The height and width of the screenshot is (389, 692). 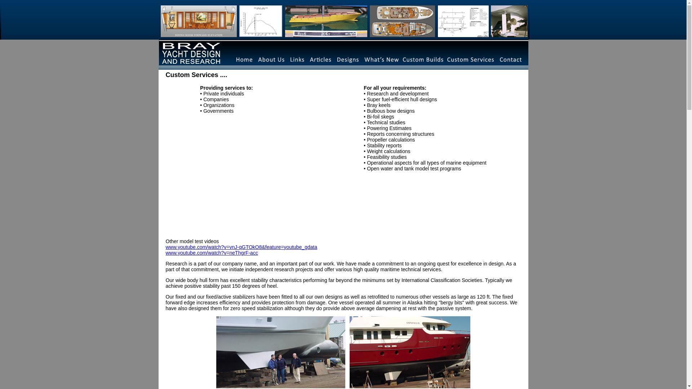 I want to click on 'www.youtube.com/watch?v=vnJ-qGTOkO8&feature=youtube_gdata', so click(x=241, y=247).